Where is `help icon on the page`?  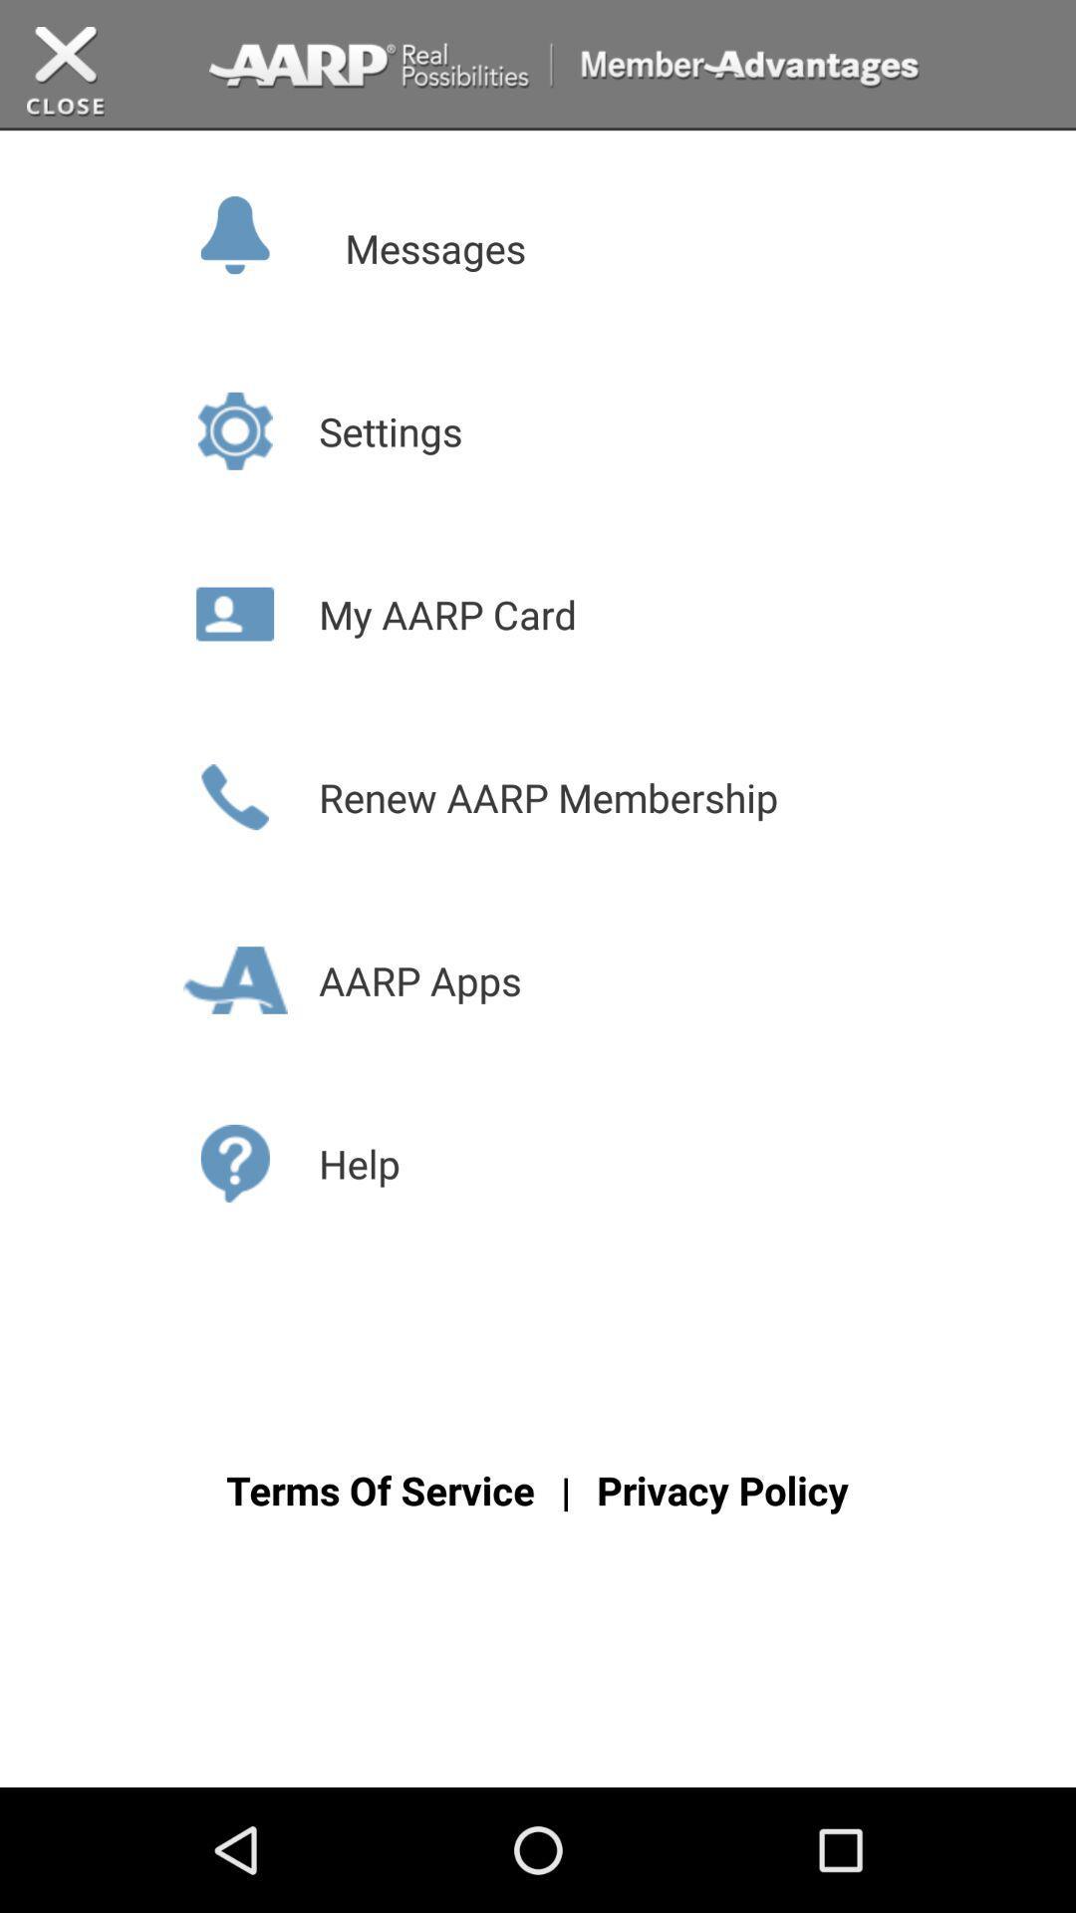
help icon on the page is located at coordinates (234, 1163).